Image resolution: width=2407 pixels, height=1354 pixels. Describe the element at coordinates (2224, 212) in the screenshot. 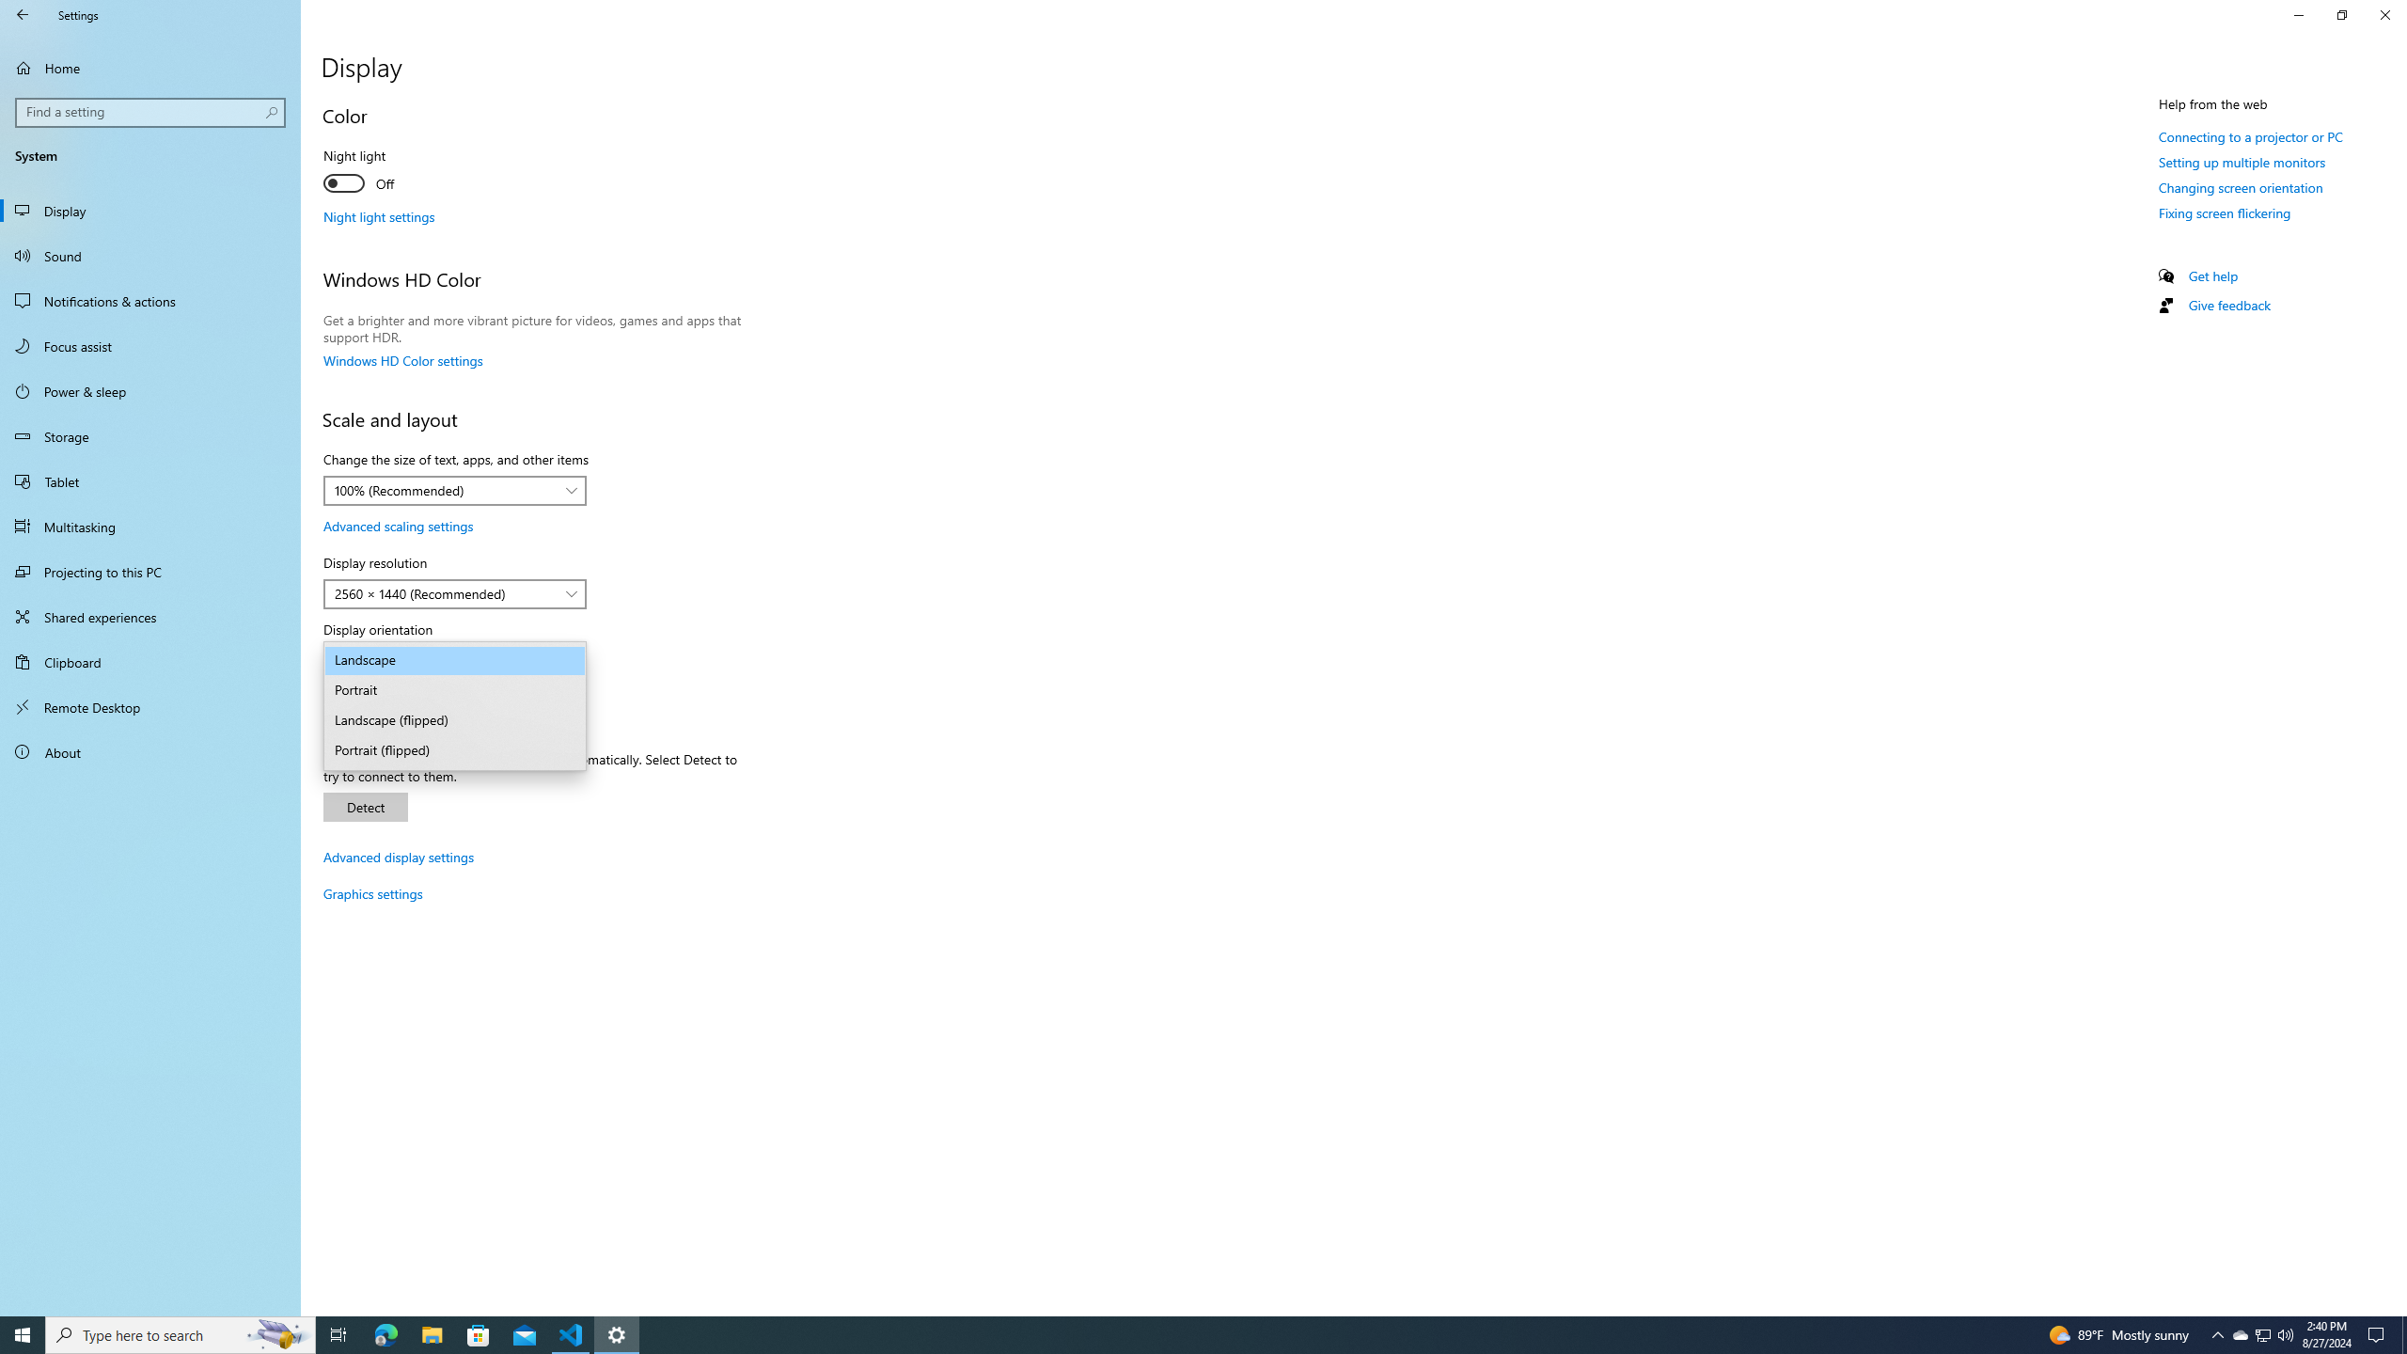

I see `'Fixing screen flickering'` at that location.